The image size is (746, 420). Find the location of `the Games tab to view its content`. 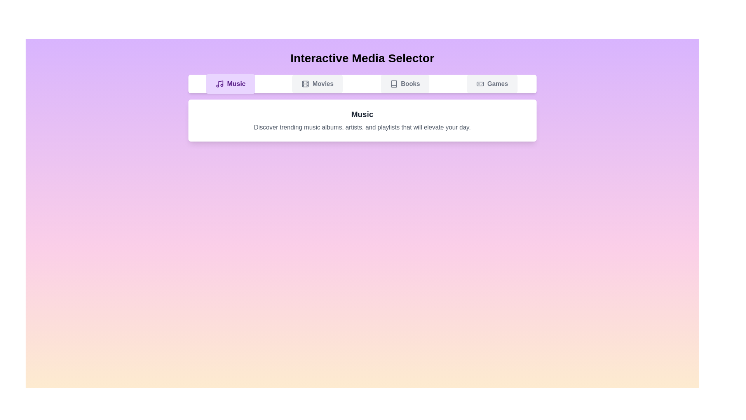

the Games tab to view its content is located at coordinates (492, 84).